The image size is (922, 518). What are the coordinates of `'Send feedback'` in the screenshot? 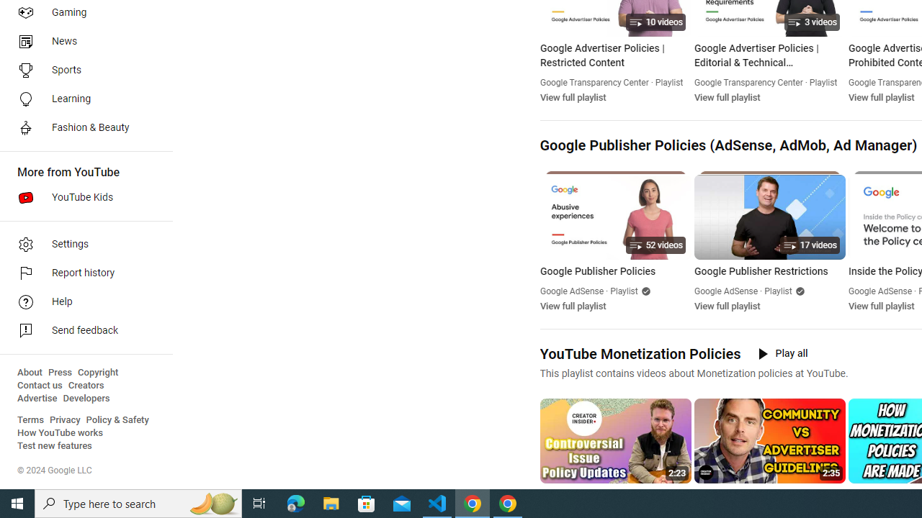 It's located at (81, 331).